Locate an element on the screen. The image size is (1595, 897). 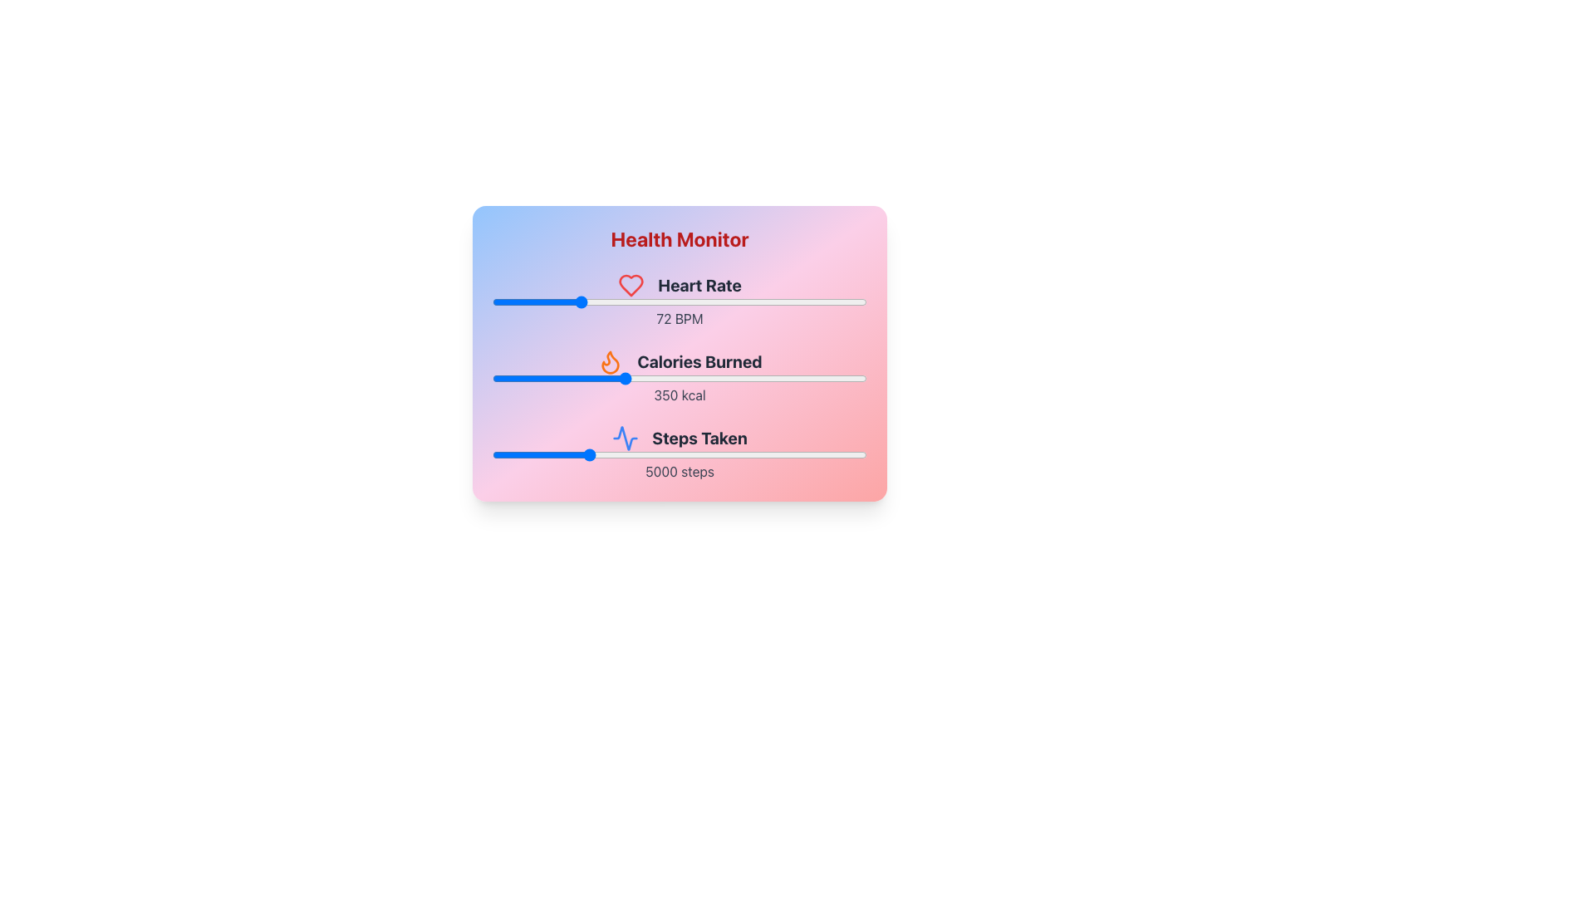
the step count is located at coordinates (780, 454).